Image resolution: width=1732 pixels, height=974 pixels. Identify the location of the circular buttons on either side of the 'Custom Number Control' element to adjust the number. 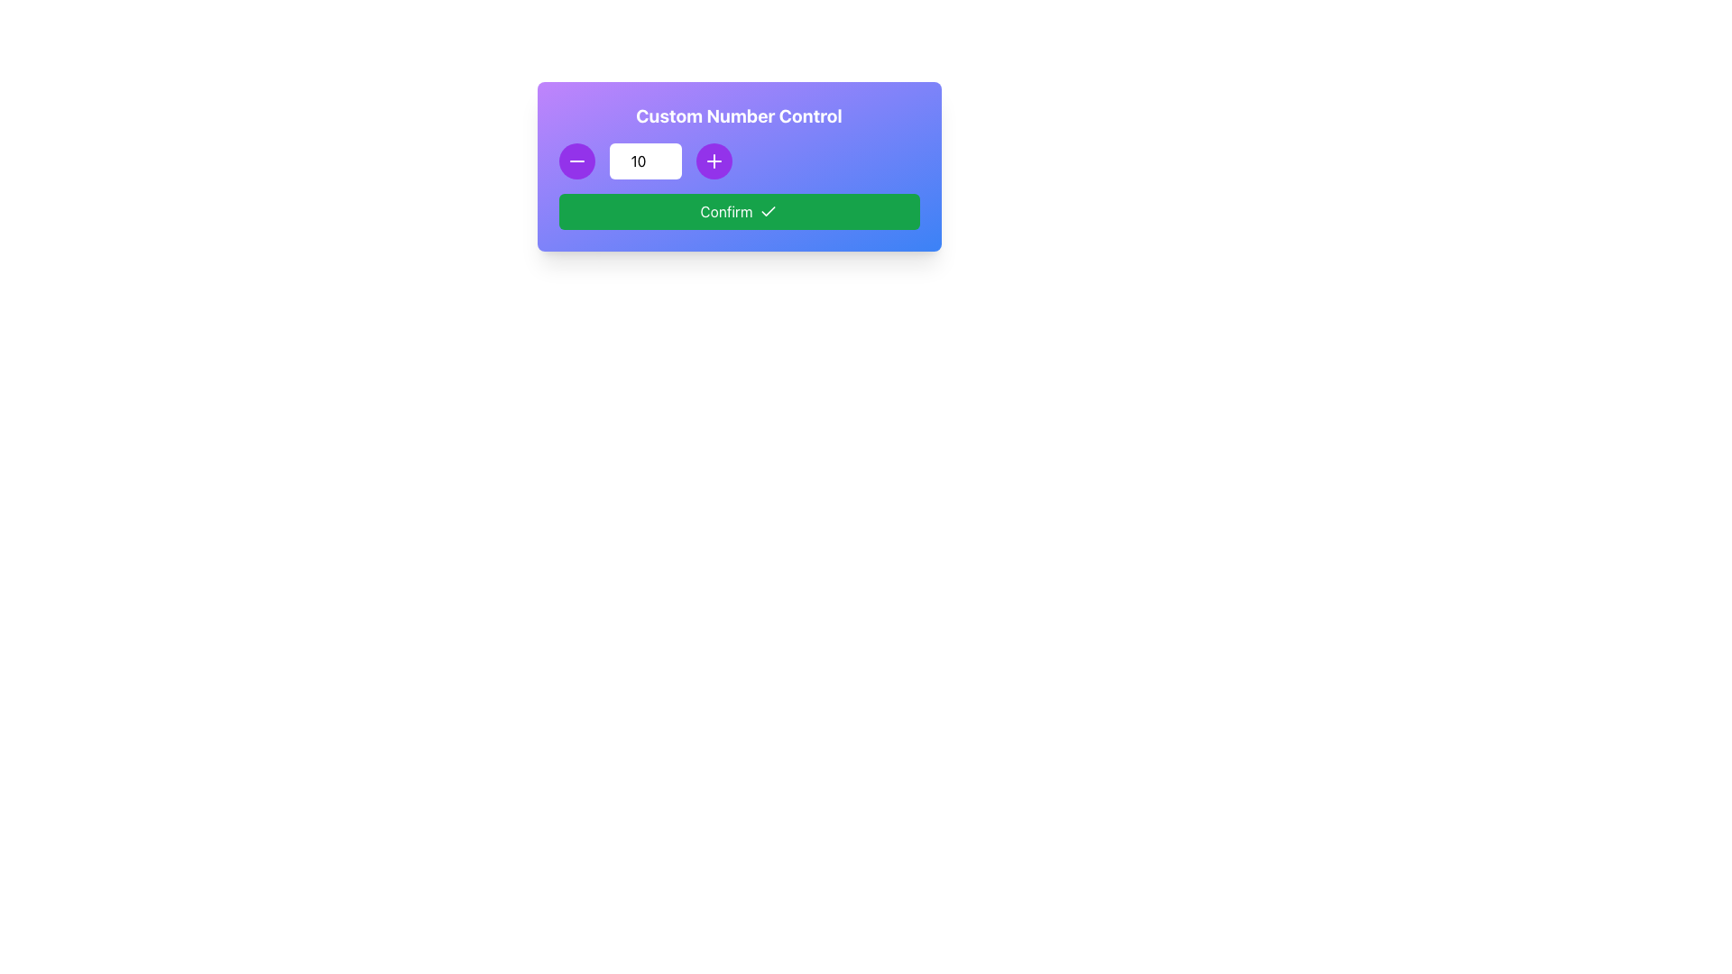
(739, 167).